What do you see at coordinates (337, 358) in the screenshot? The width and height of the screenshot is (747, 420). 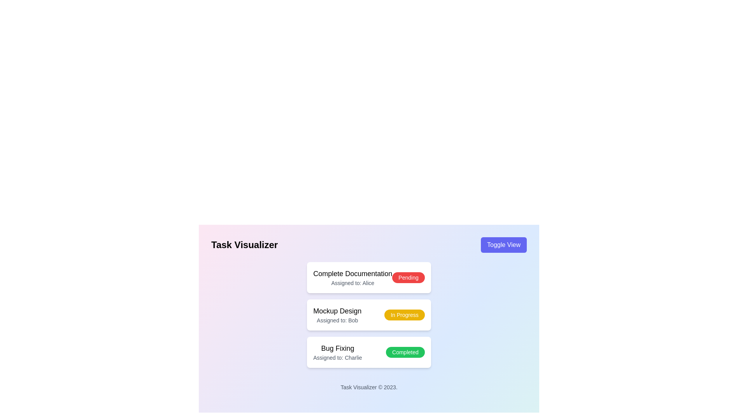 I see `the text label displaying 'Assigned to: Charlie', which is styled in gray and positioned below the main title 'Bug Fixing' in the third task box` at bounding box center [337, 358].